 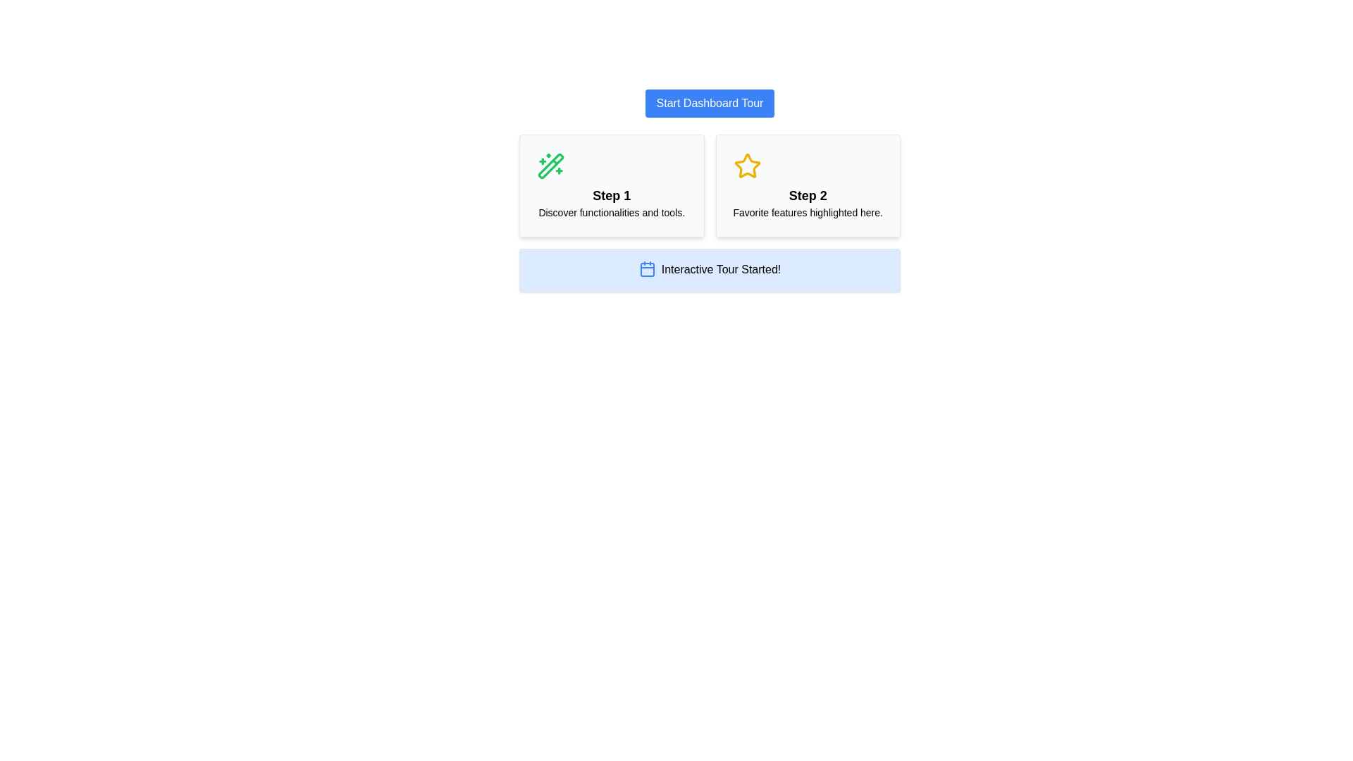 I want to click on the calendar icon with a blue circular background located above the text 'Interactive Tour Started!', so click(x=646, y=269).